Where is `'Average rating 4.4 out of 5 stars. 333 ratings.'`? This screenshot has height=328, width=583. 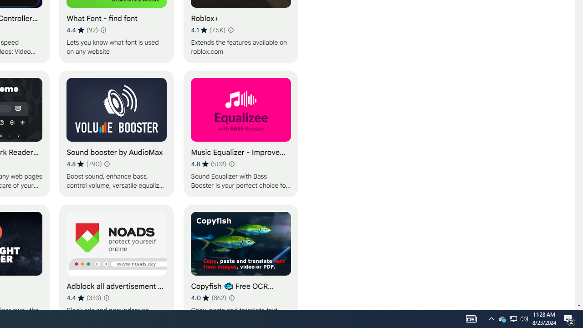 'Average rating 4.4 out of 5 stars. 333 ratings.' is located at coordinates (84, 297).